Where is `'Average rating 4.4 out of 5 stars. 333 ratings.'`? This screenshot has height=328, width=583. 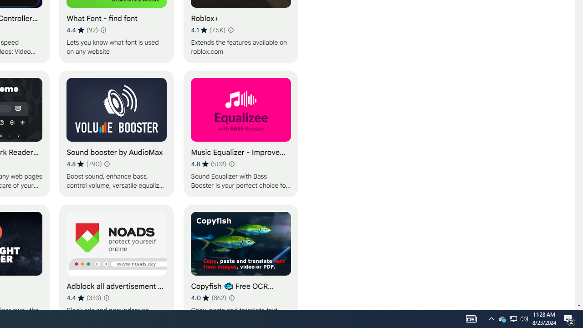 'Average rating 4.4 out of 5 stars. 333 ratings.' is located at coordinates (84, 297).